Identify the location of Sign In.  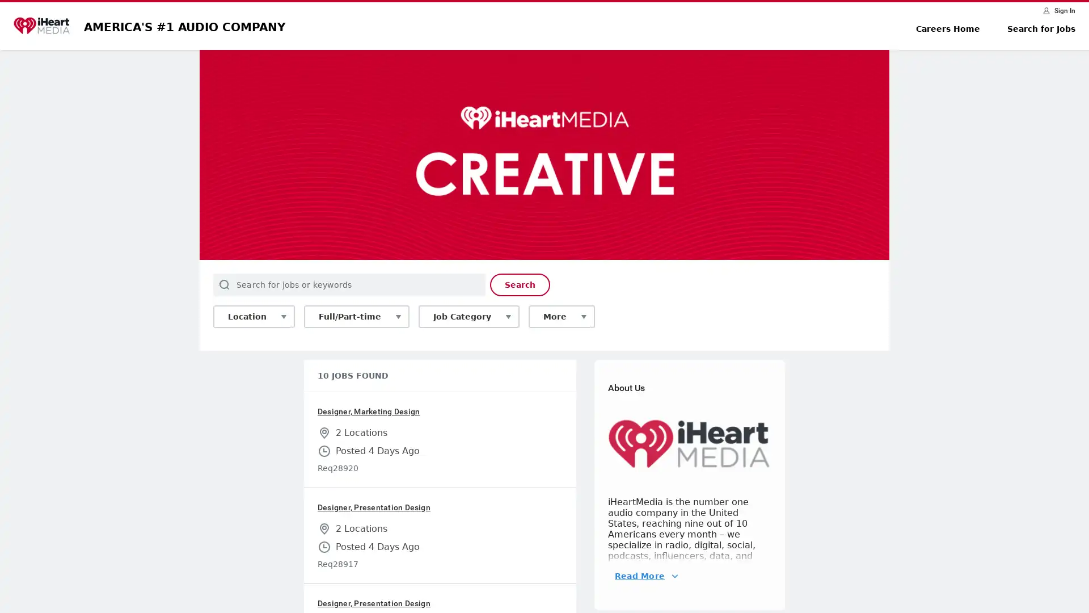
(1058, 10).